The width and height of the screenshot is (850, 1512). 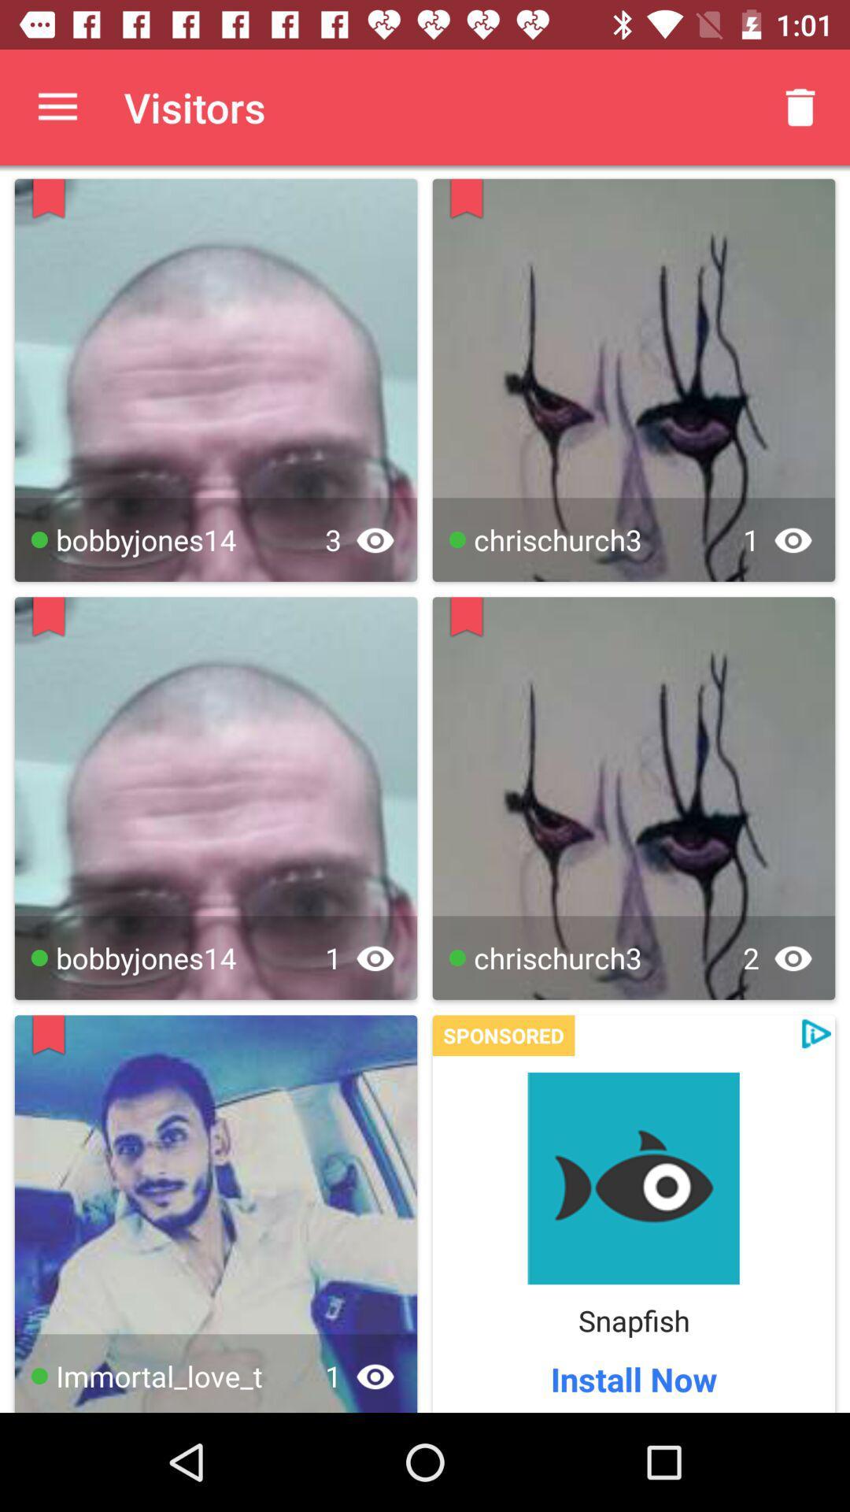 I want to click on advertisement for an app, so click(x=633, y=1178).